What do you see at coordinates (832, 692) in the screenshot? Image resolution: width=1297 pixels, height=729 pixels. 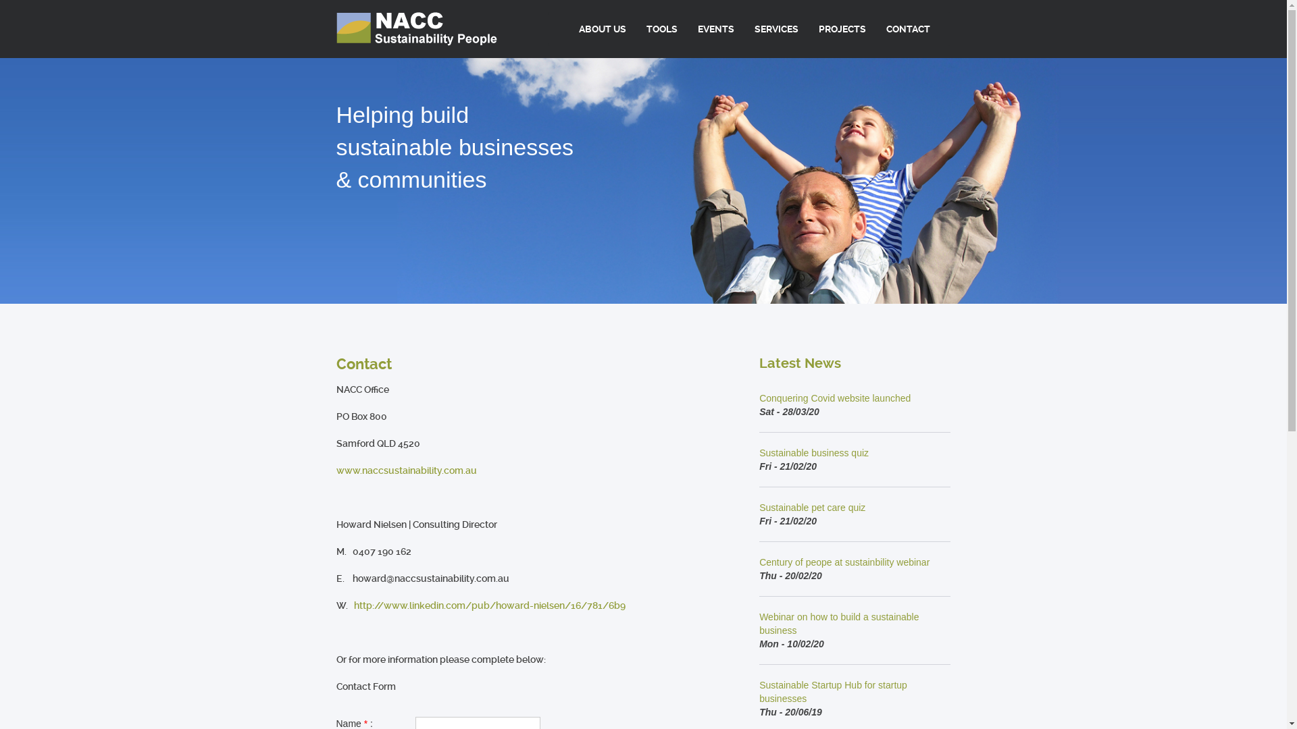 I see `'Sustainable Startup Hub for startup businesses'` at bounding box center [832, 692].